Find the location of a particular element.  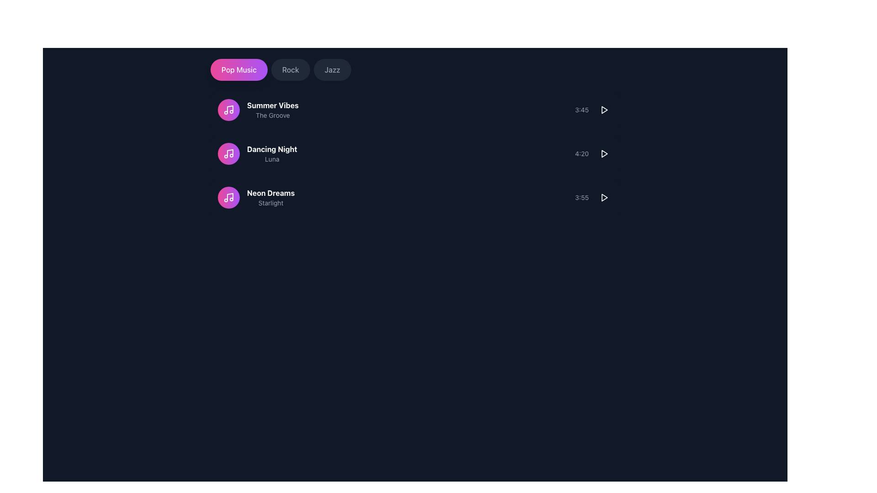

the text label displaying 'Starlight' that is located beneath the header 'Neon Dreams' in the music track listing is located at coordinates (270, 202).